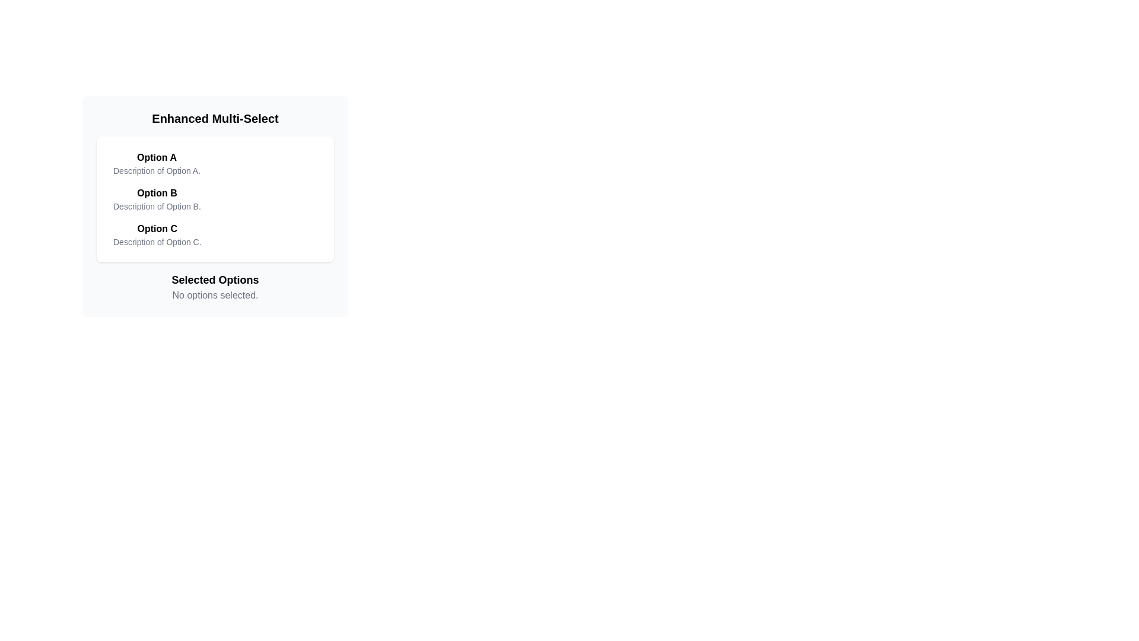 Image resolution: width=1139 pixels, height=641 pixels. Describe the element at coordinates (215, 294) in the screenshot. I see `the static informational text indicating that no selections have been made in the 'Enhanced Multi-Select' component, located beneath the 'Selected Options' label` at that location.